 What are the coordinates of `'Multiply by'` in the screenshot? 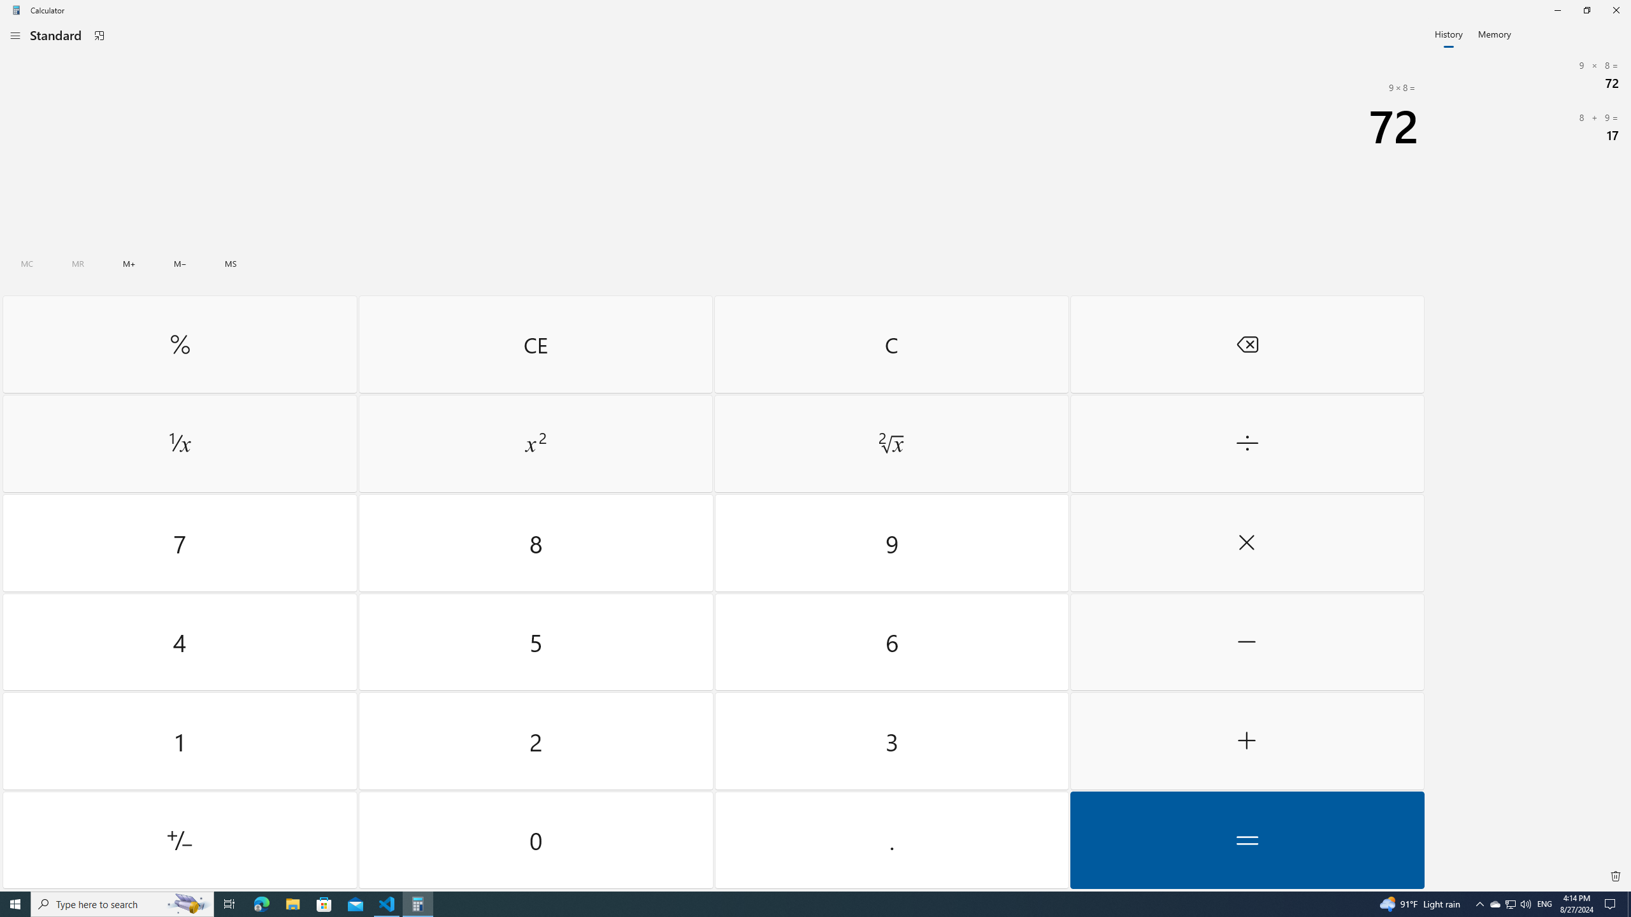 It's located at (1246, 543).